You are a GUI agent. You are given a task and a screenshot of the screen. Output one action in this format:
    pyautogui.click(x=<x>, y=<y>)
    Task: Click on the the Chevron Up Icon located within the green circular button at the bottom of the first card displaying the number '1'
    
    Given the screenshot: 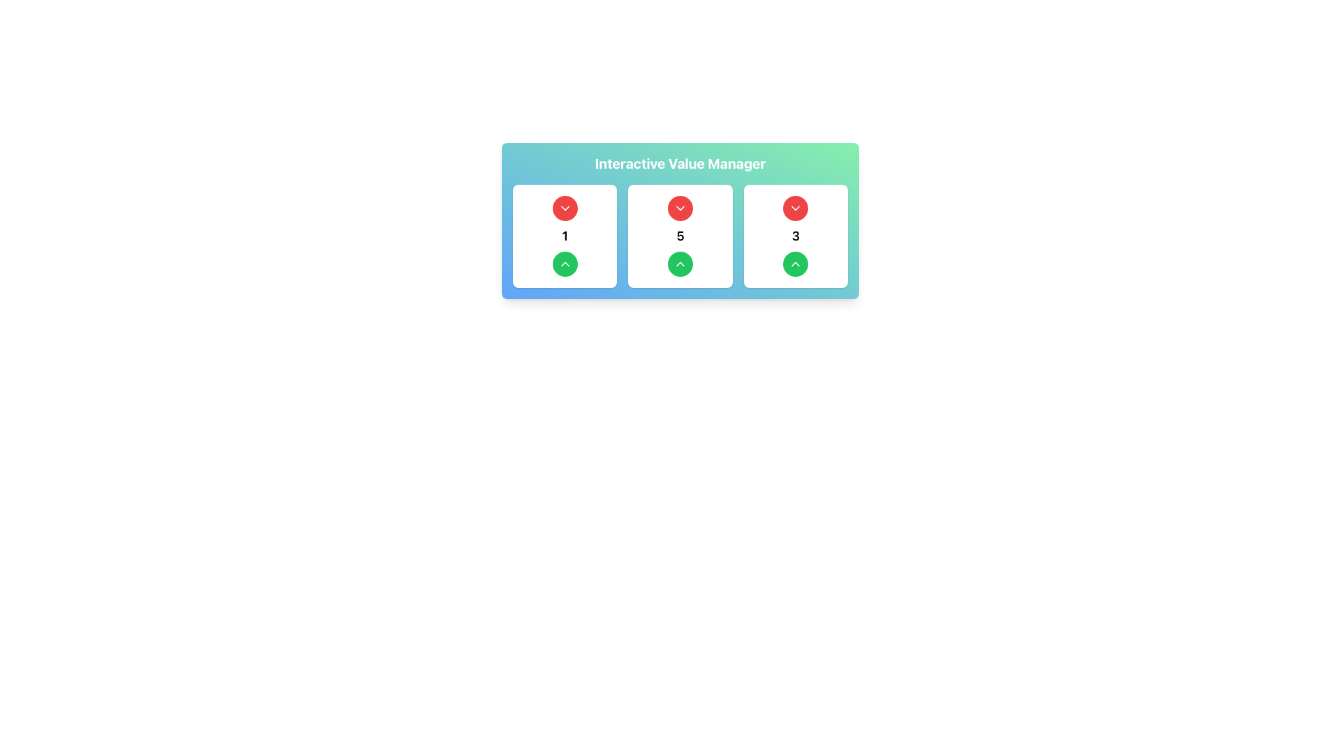 What is the action you would take?
    pyautogui.click(x=565, y=264)
    